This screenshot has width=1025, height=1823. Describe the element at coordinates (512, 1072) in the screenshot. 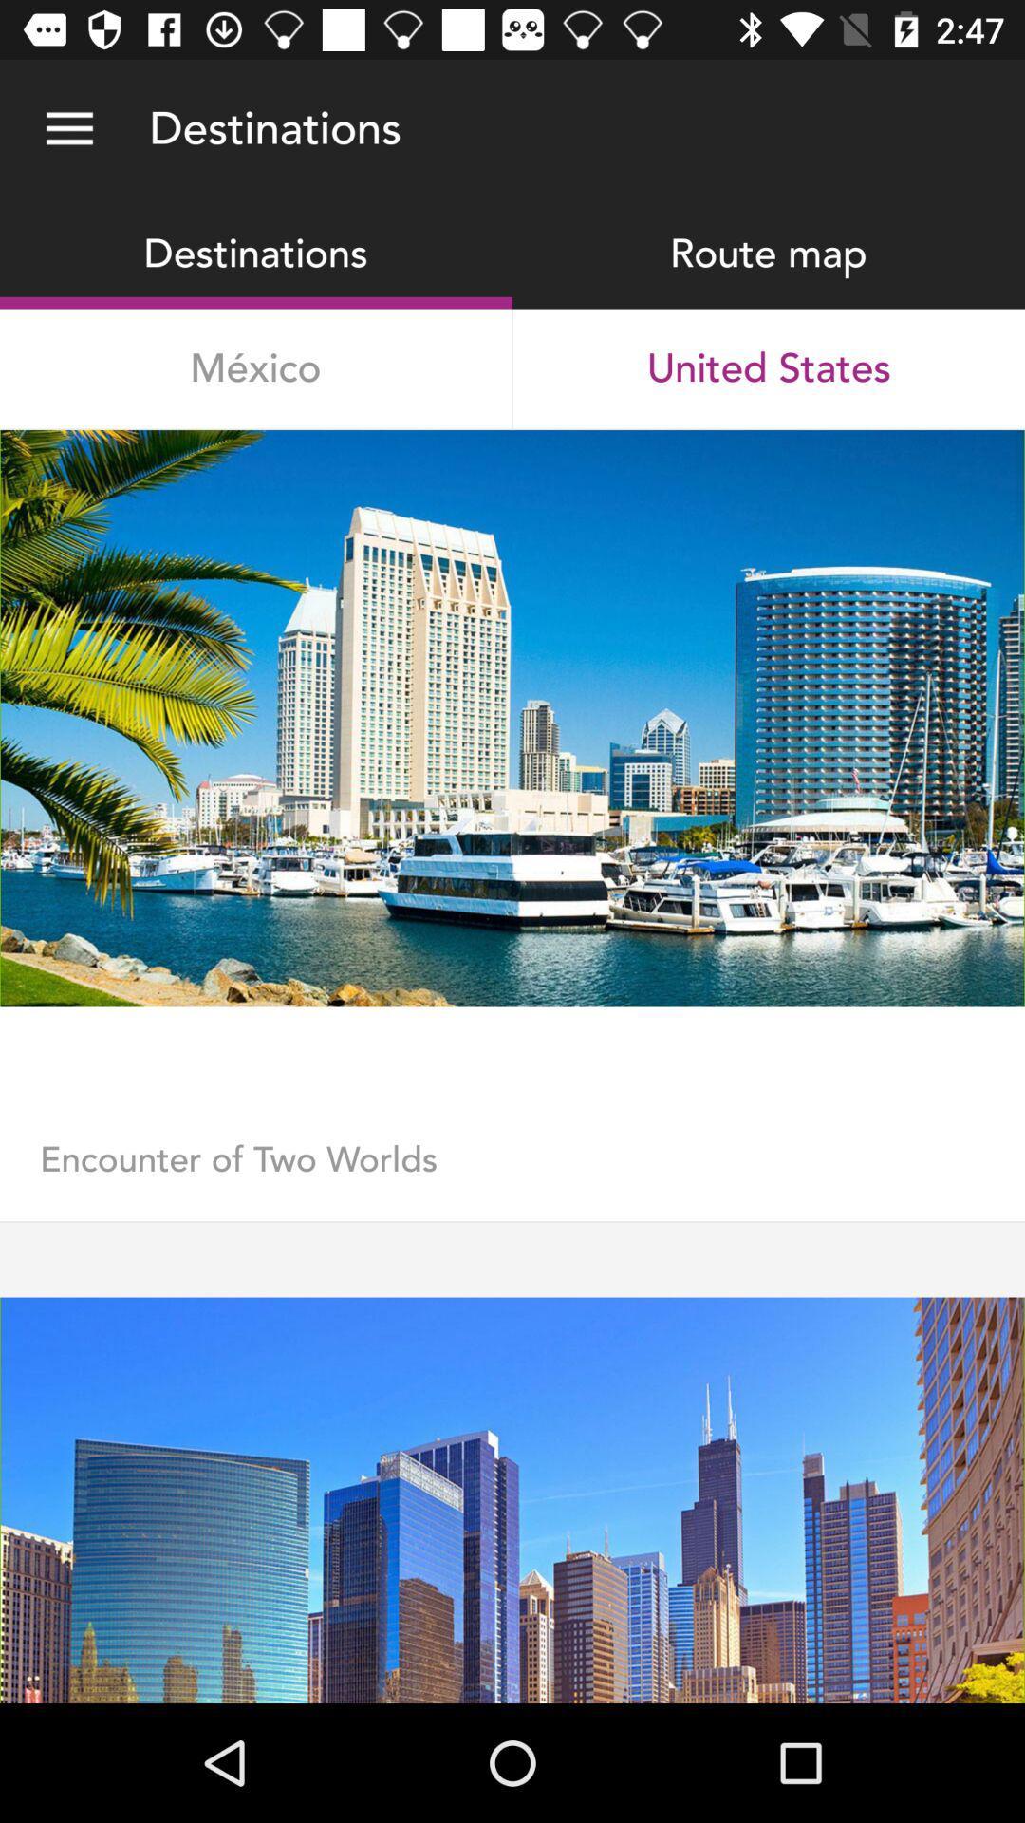

I see `icon above encounter of two icon` at that location.